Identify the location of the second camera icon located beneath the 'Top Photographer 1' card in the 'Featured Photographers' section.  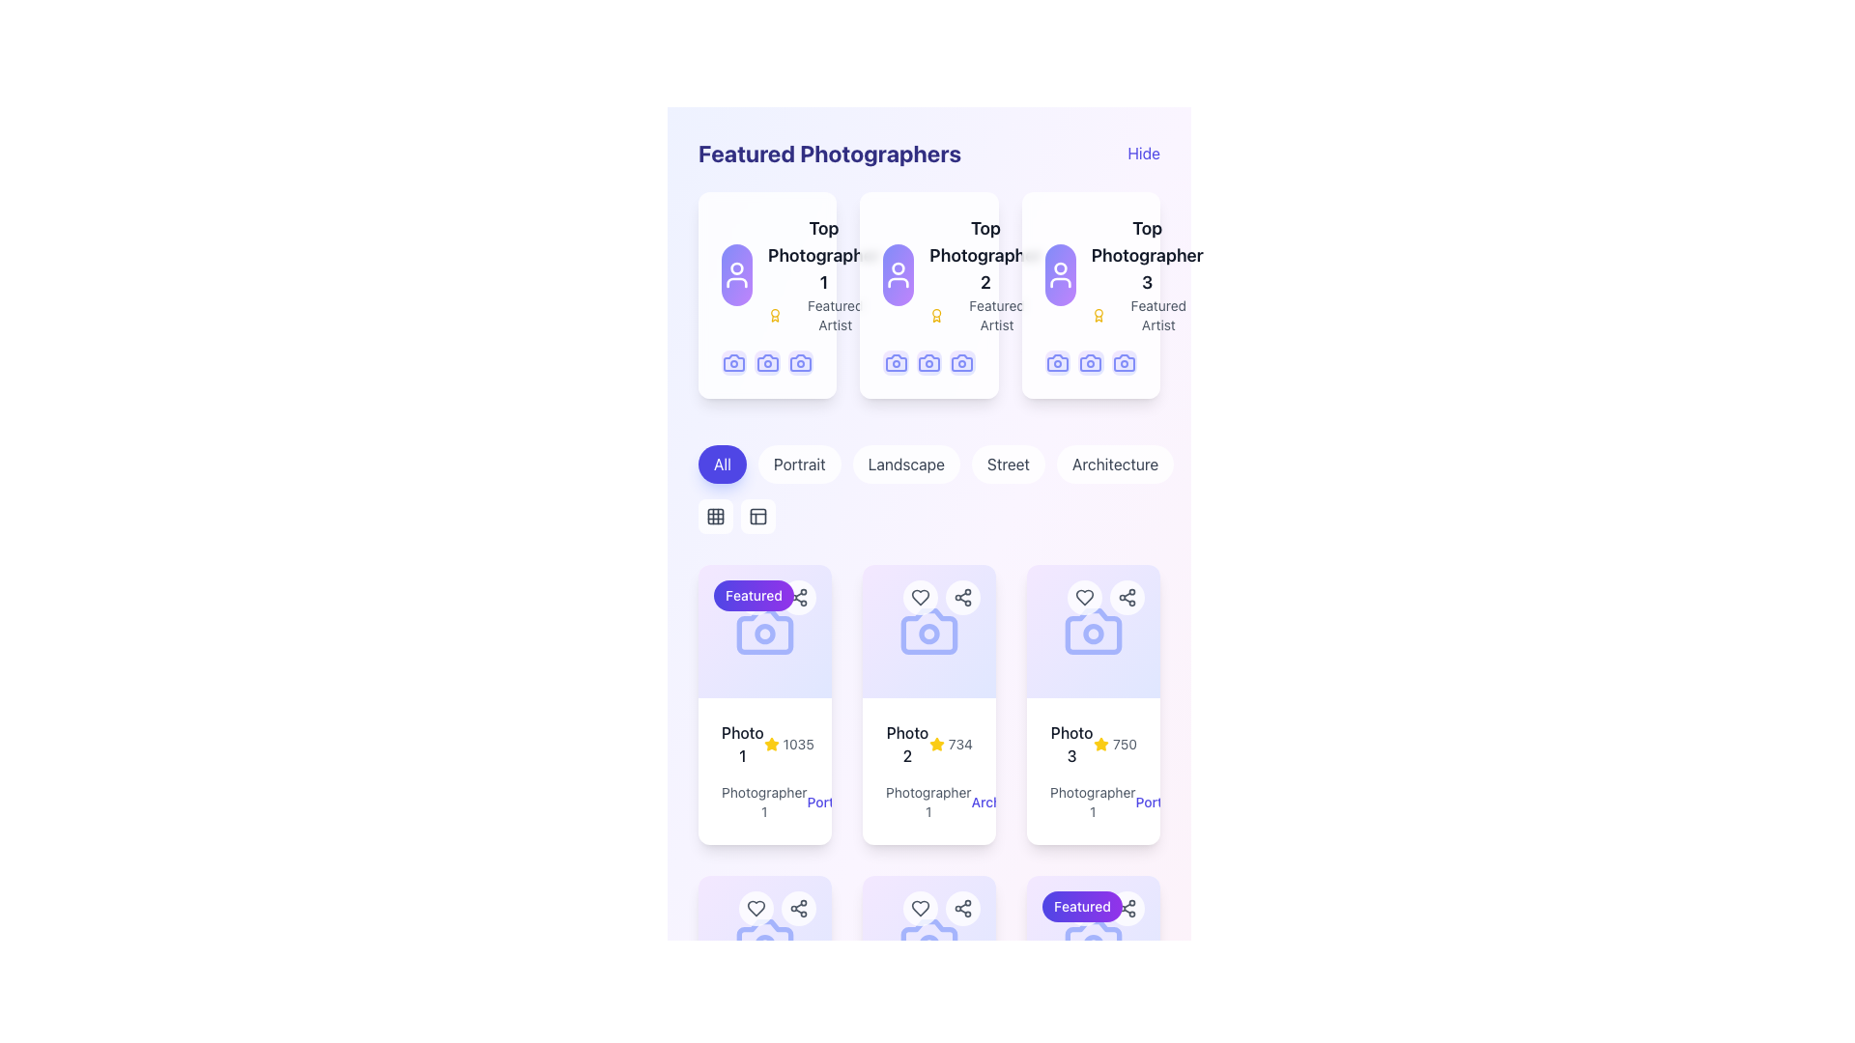
(766, 363).